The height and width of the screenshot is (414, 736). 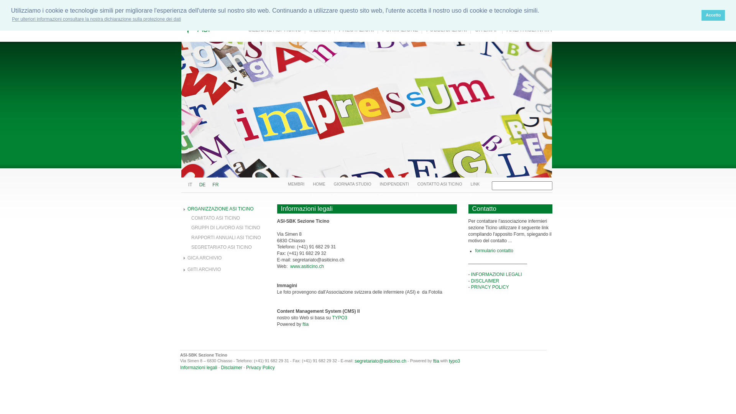 I want to click on 'LINK', so click(x=475, y=184).